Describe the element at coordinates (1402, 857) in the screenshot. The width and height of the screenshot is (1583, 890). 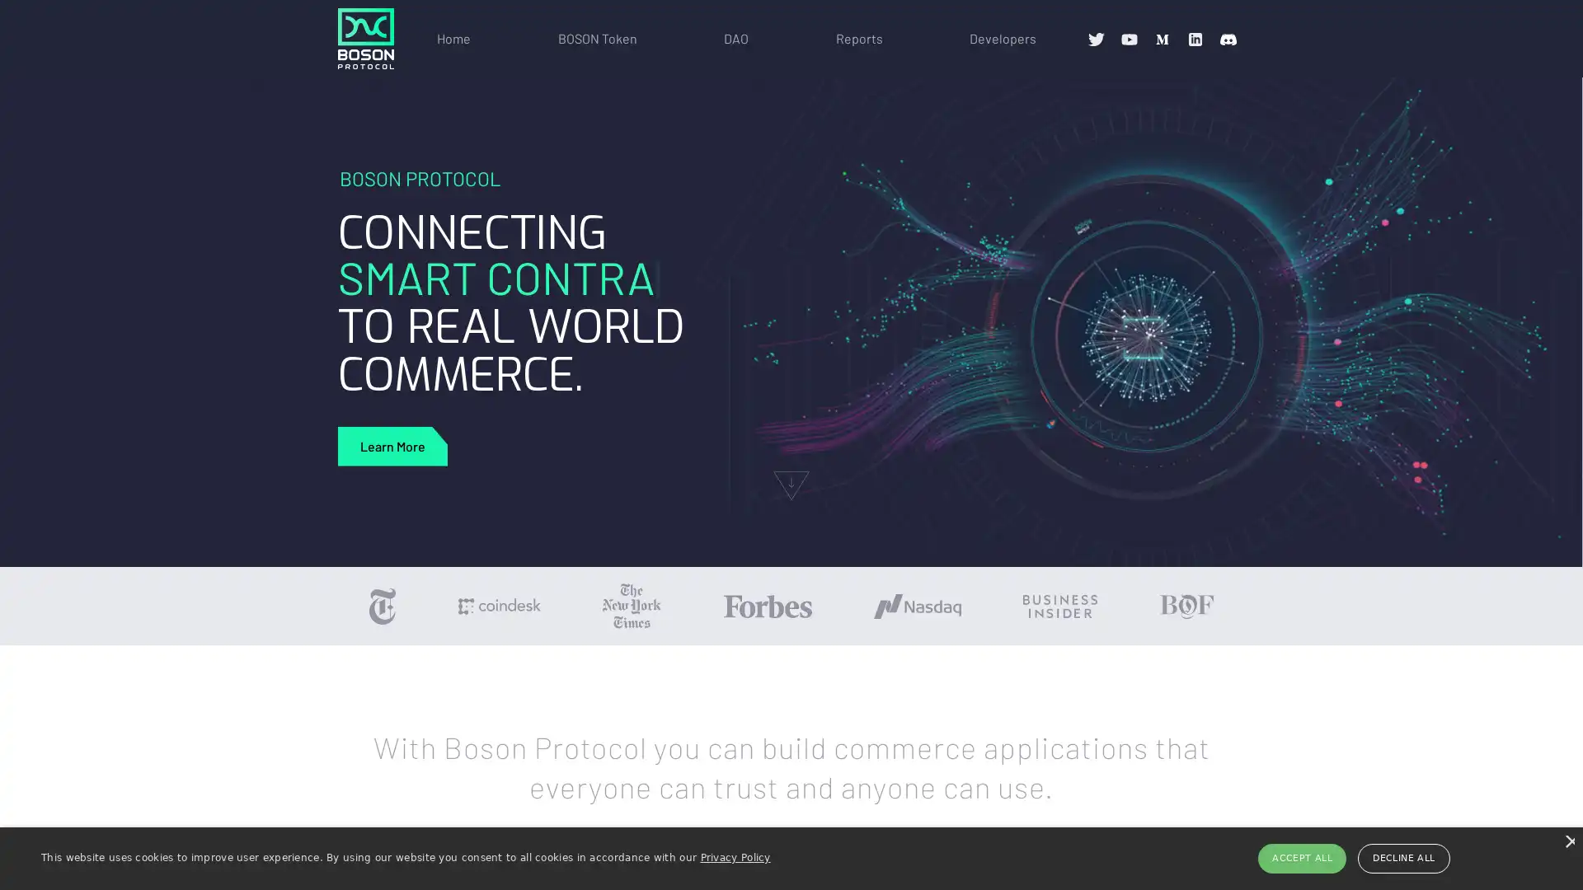
I see `DECLINE ALL` at that location.